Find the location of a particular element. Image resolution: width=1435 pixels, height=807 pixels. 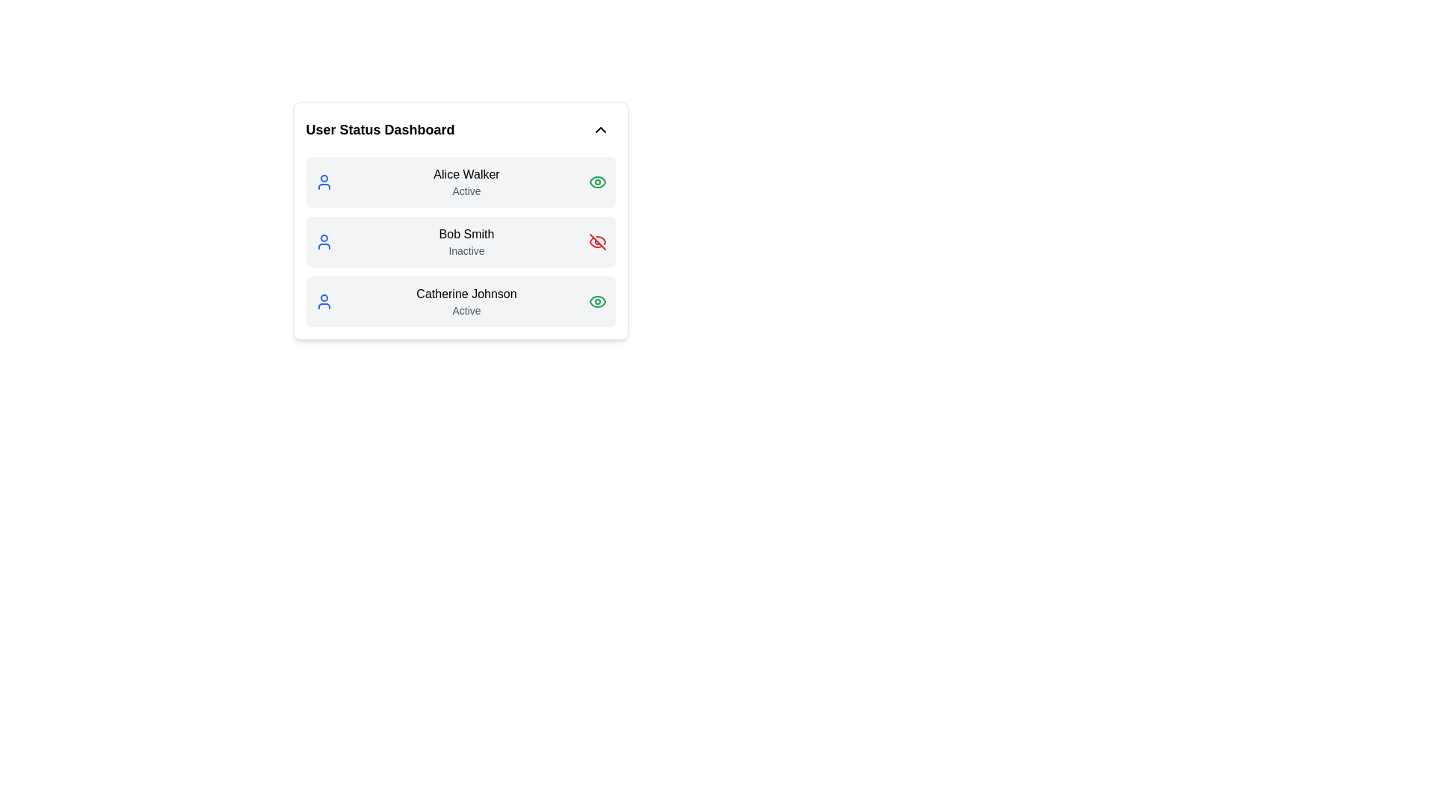

the user icon representing 'Alice Walker' located at the leftmost side of the first row in the user status dashboard is located at coordinates (323, 181).